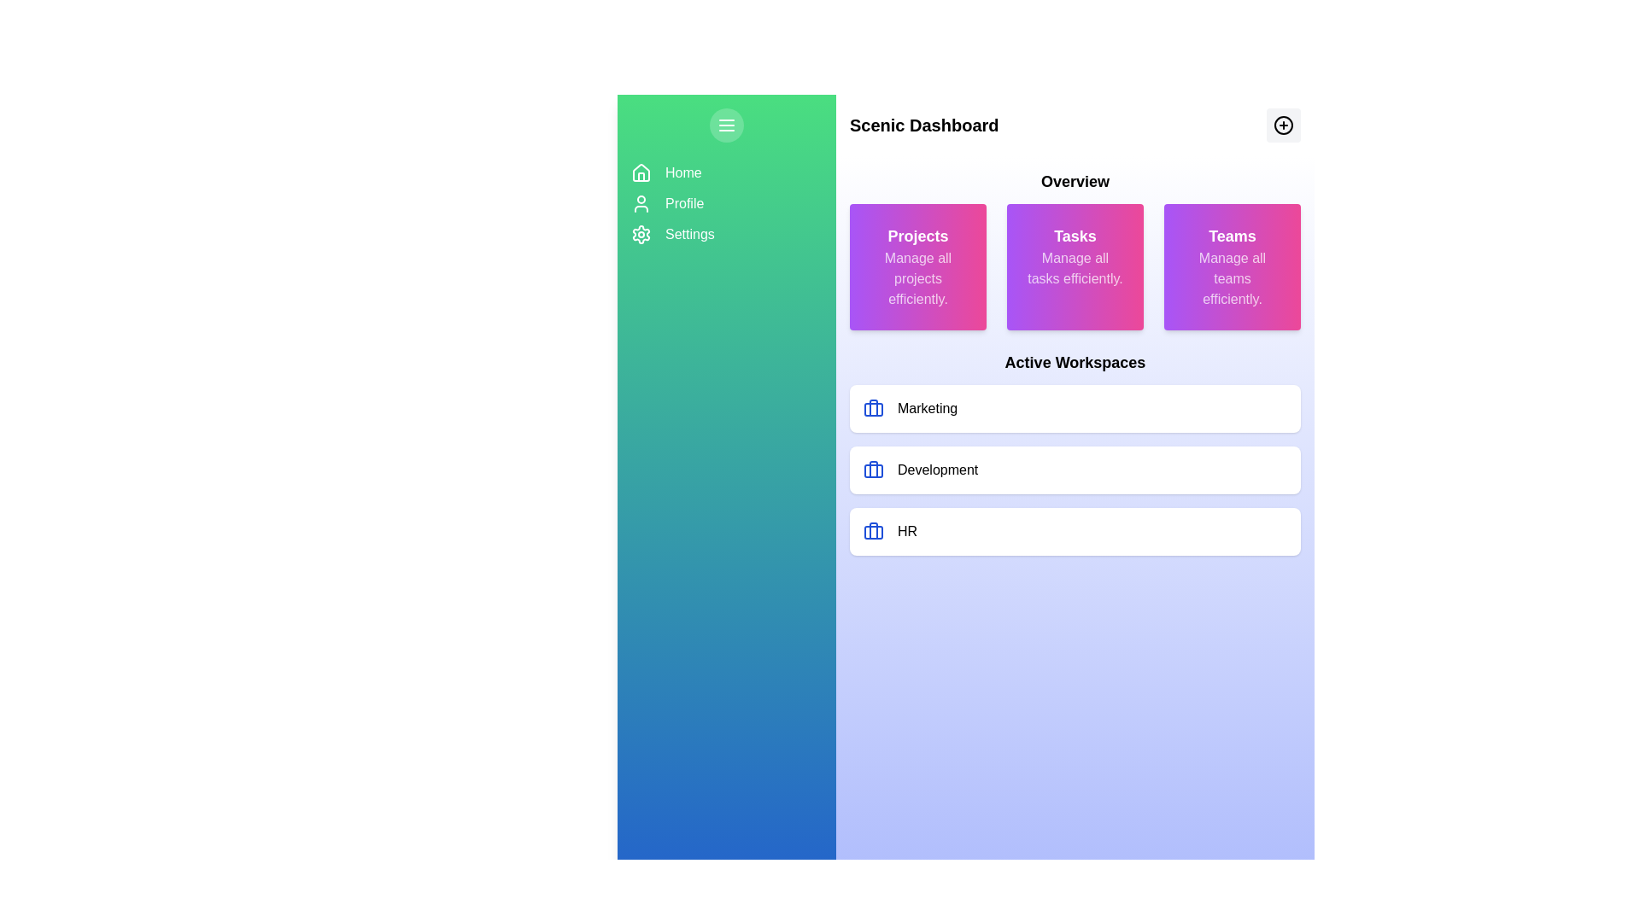  I want to click on text displayed in the bold, large font label 'Active Workspaces' located near the top-center of the interface below the 'Projects', 'Tasks', and 'Teams' cards, so click(1074, 361).